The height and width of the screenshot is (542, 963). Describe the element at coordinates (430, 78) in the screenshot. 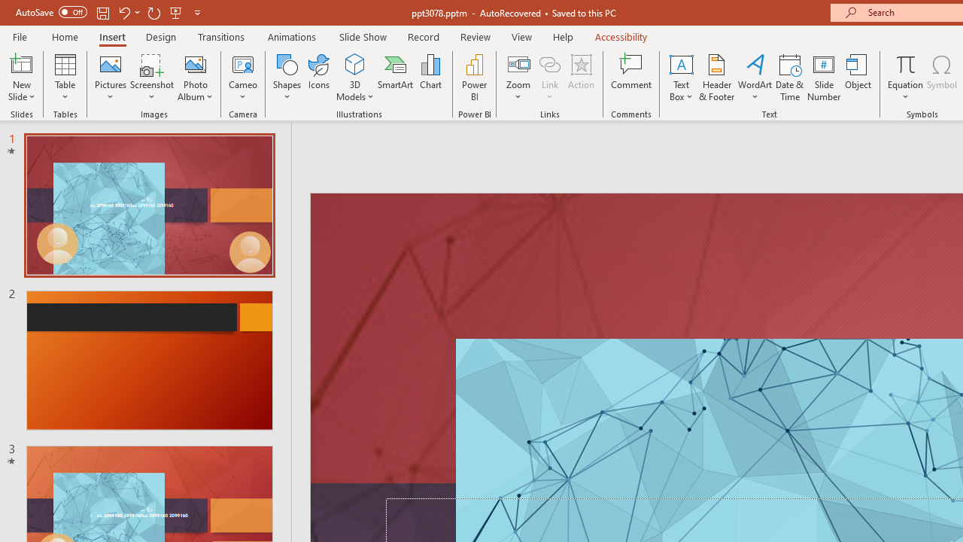

I see `'Chart...'` at that location.